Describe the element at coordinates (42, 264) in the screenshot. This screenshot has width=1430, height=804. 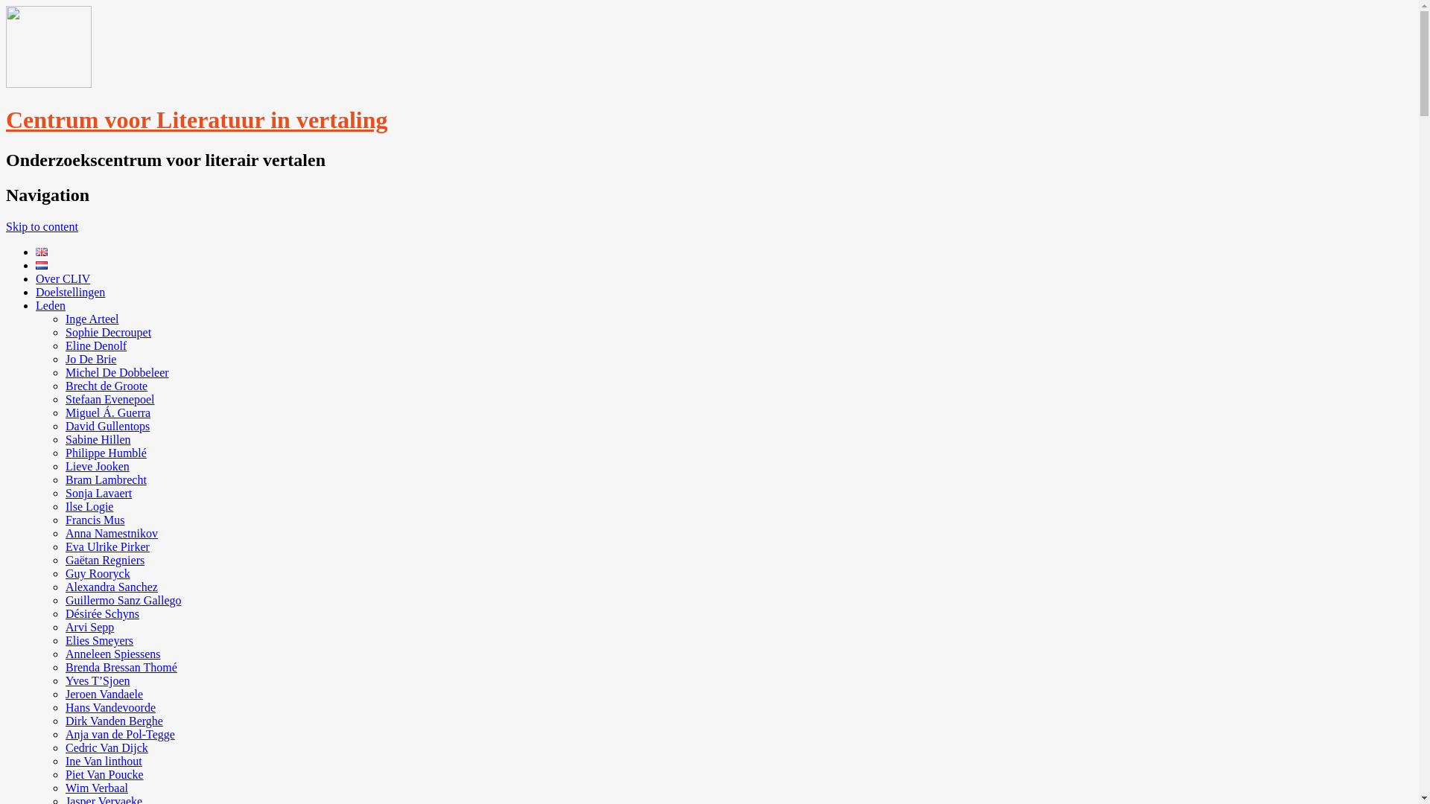
I see `'Nederlands'` at that location.